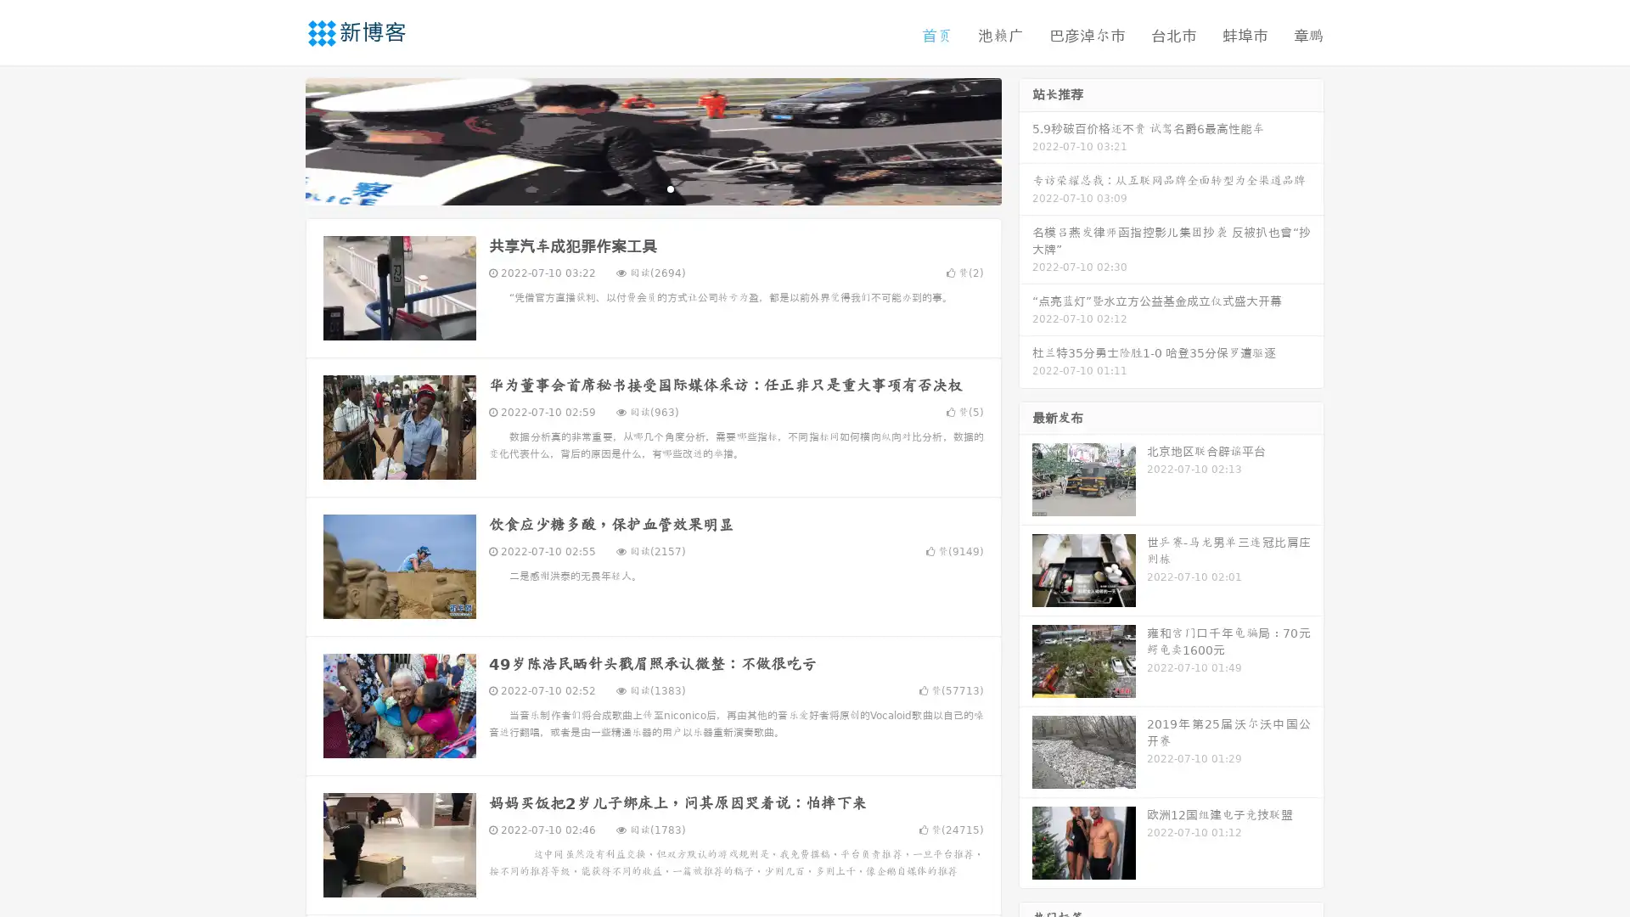 This screenshot has height=917, width=1630. What do you see at coordinates (1026, 143) in the screenshot?
I see `Next slide` at bounding box center [1026, 143].